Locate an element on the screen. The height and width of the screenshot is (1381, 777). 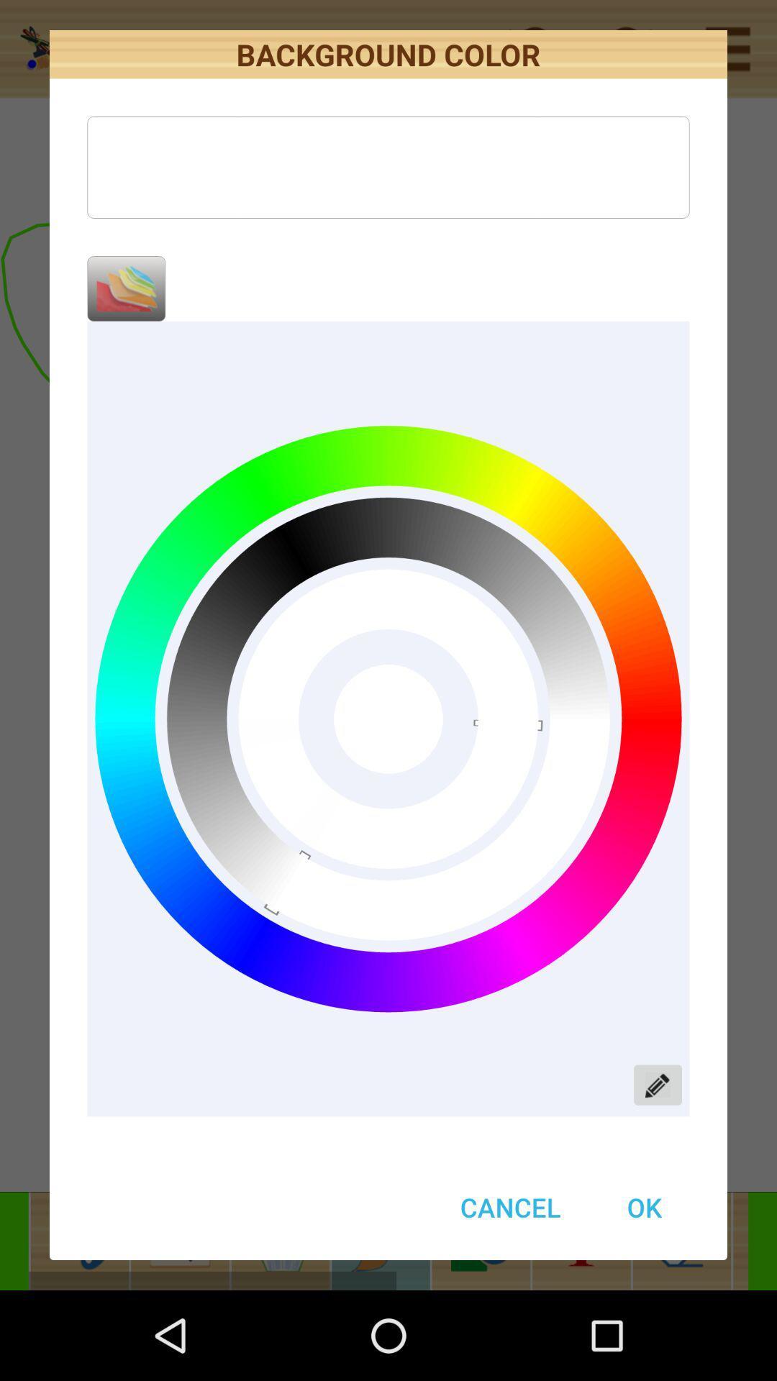
icon at the top left corner is located at coordinates (125, 288).